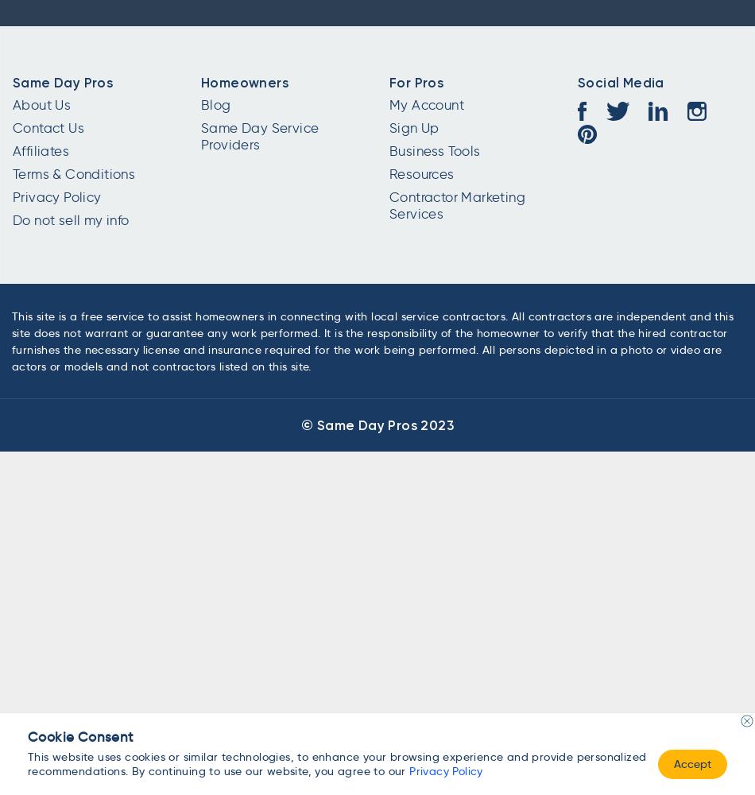  I want to click on 'Terms & Conditions', so click(74, 173).